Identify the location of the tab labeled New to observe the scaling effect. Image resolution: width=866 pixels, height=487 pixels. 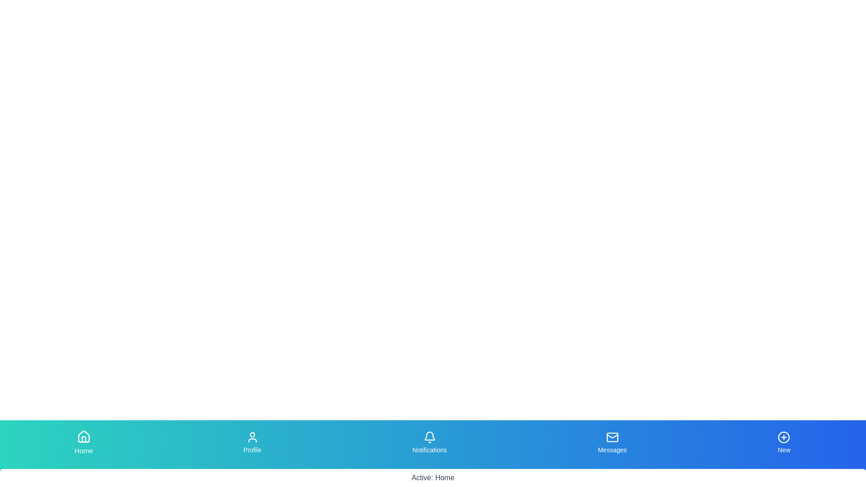
(783, 442).